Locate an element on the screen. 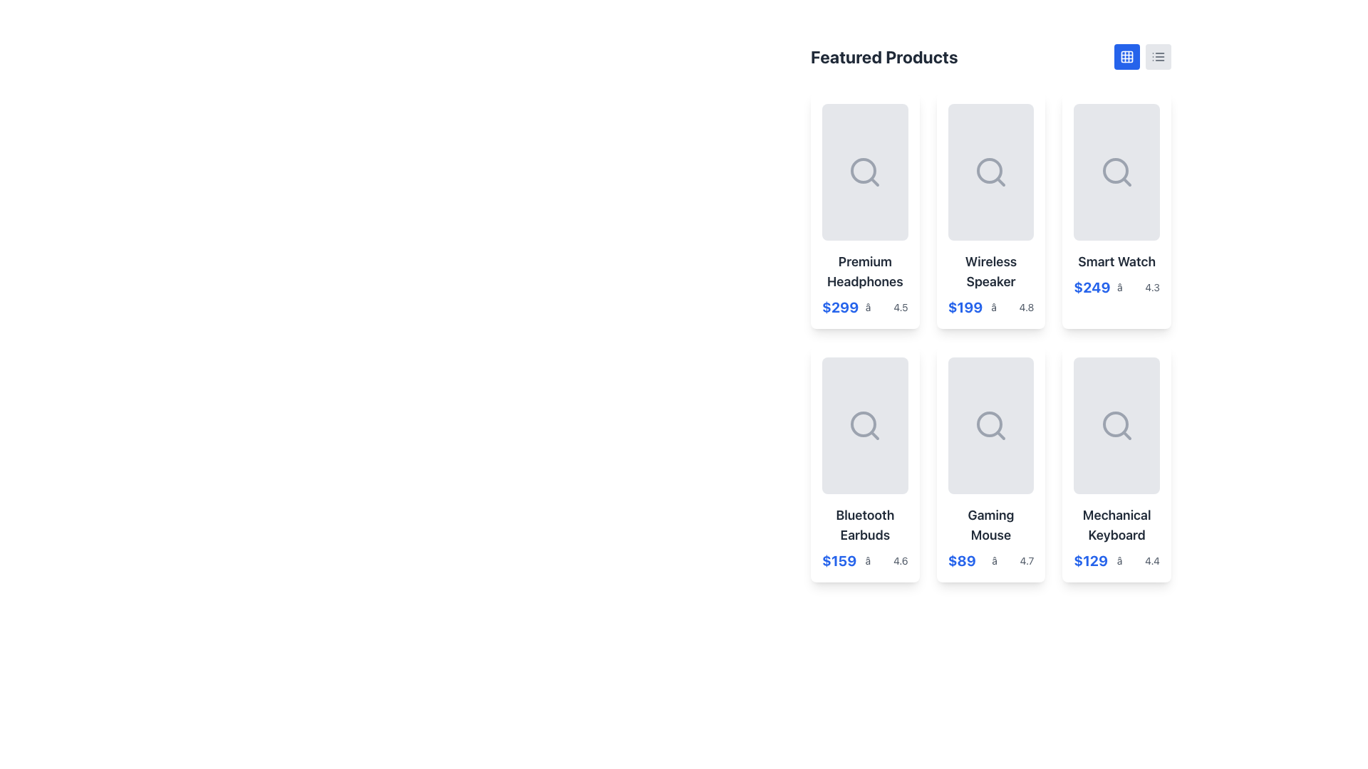  the decorative circle that represents the focal point of the magnifying glass icon located in the top-left corner of the 'Premium Headphones' card is located at coordinates (863, 169).